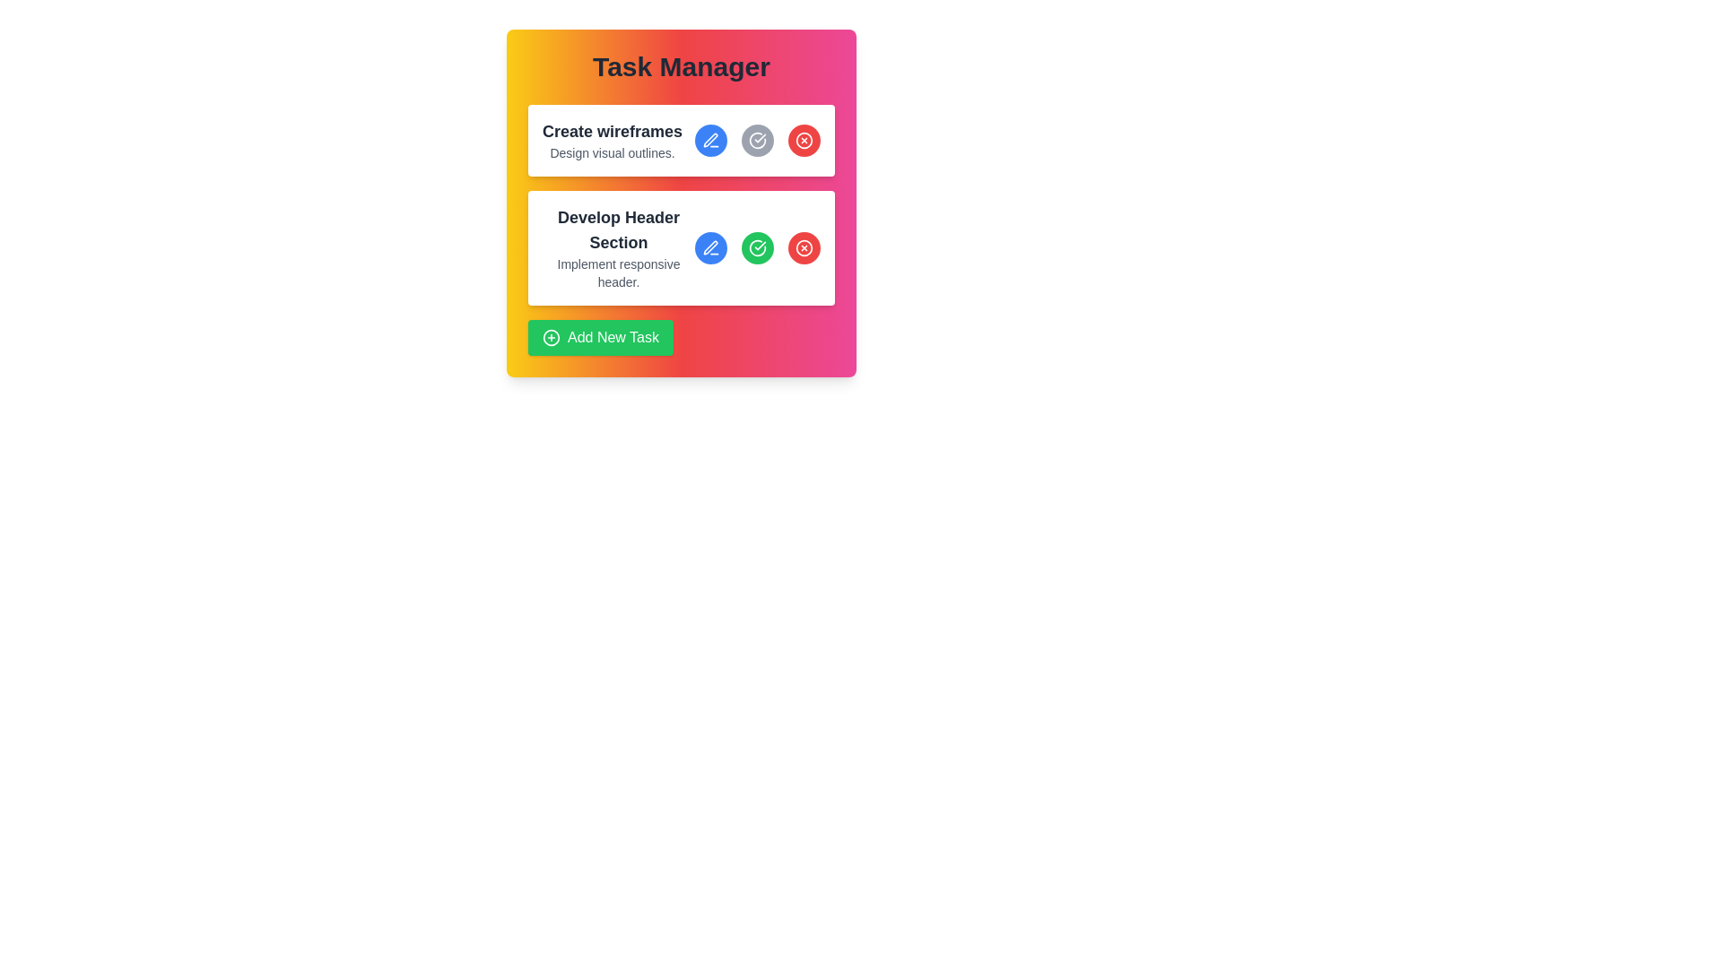 This screenshot has height=968, width=1722. What do you see at coordinates (709, 140) in the screenshot?
I see `the 'Edit Task' icon button located in the first task card labeled 'Create wireframes', which is the leftmost of three icons in the task header, positioned next to the text` at bounding box center [709, 140].